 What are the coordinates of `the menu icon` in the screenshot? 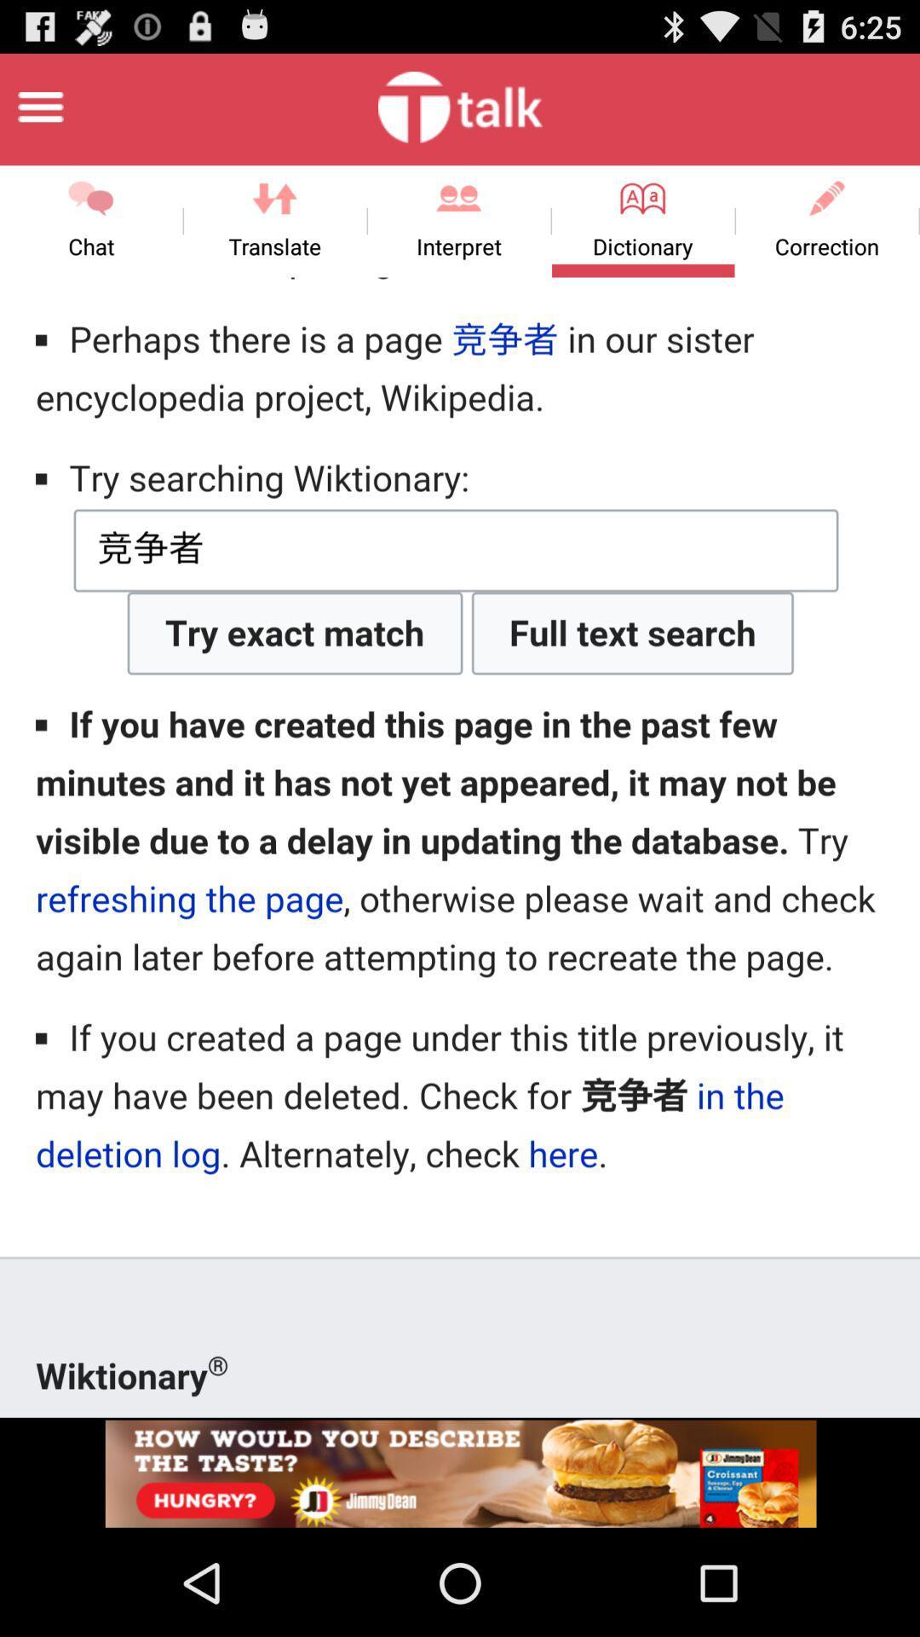 It's located at (39, 113).